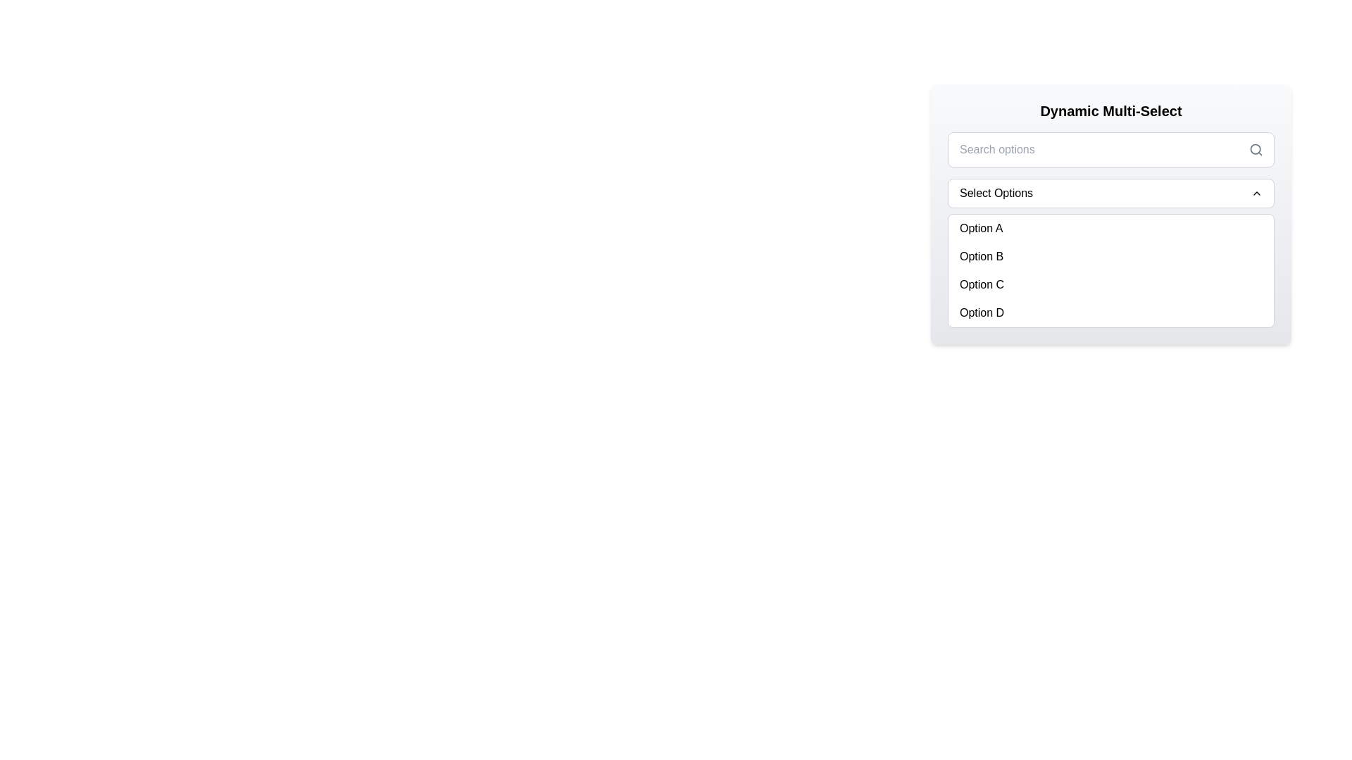 This screenshot has height=760, width=1352. What do you see at coordinates (1110, 193) in the screenshot?
I see `the Dropdown toggle button labeled 'Select Options'` at bounding box center [1110, 193].